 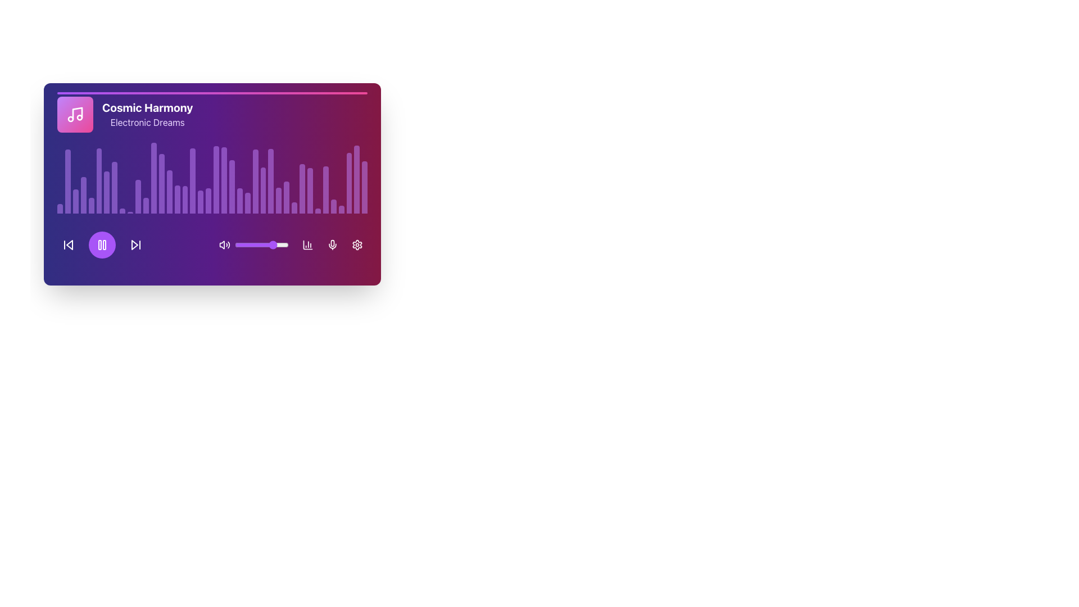 I want to click on the microphone icon located at the bottom-right section of the card interface, so click(x=332, y=242).